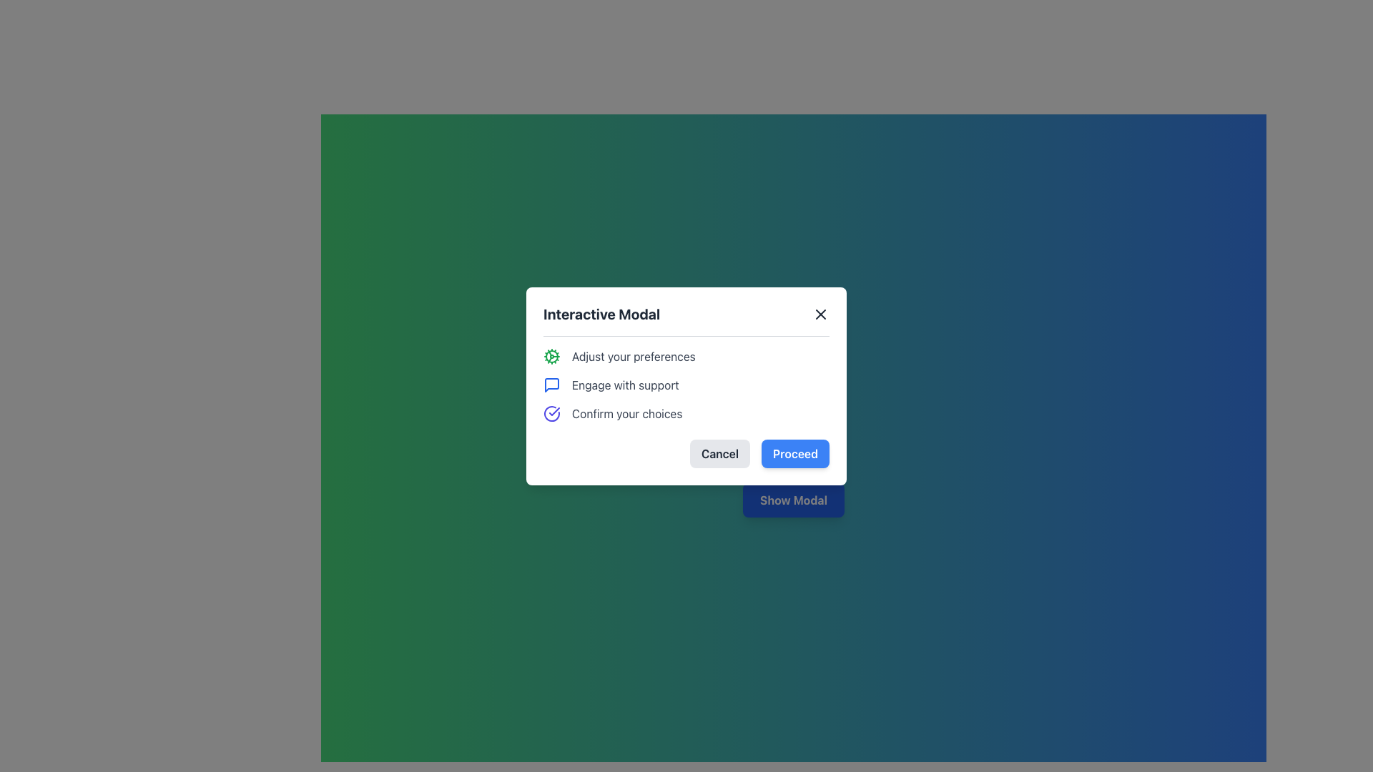 The height and width of the screenshot is (772, 1373). Describe the element at coordinates (820, 313) in the screenshot. I see `the Close Icon Button (SVG representation) located in the top-right corner of the modal window` at that location.